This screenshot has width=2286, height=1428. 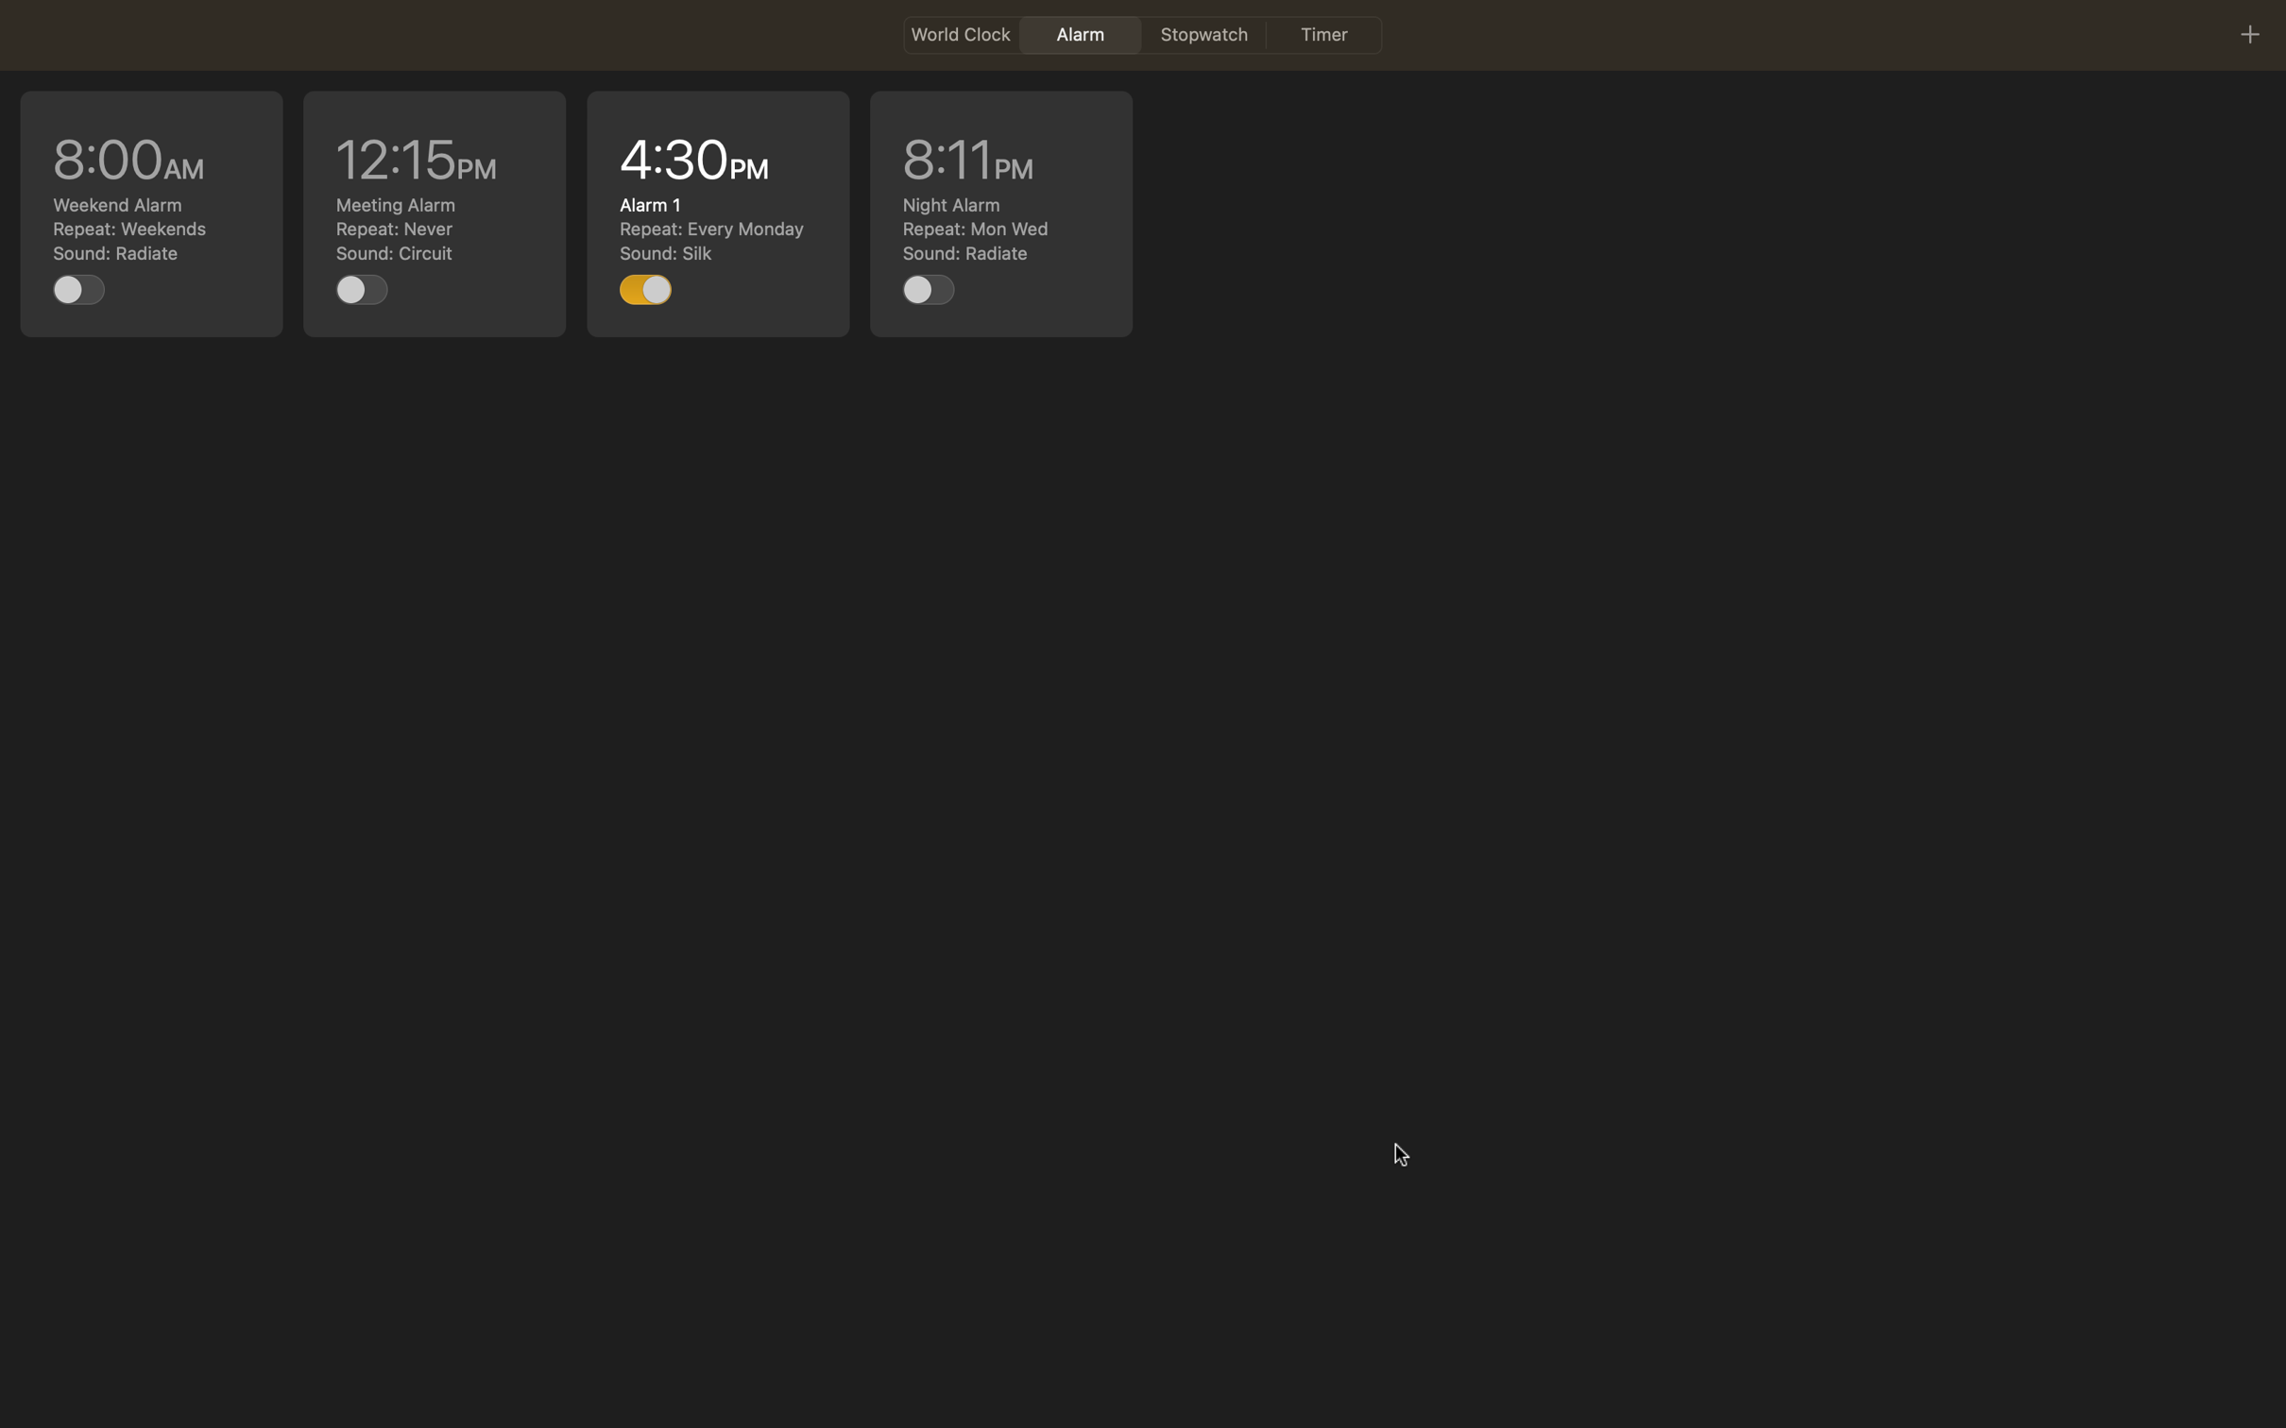 What do you see at coordinates (2248, 33) in the screenshot?
I see `a new reminder by pressing the plus icon` at bounding box center [2248, 33].